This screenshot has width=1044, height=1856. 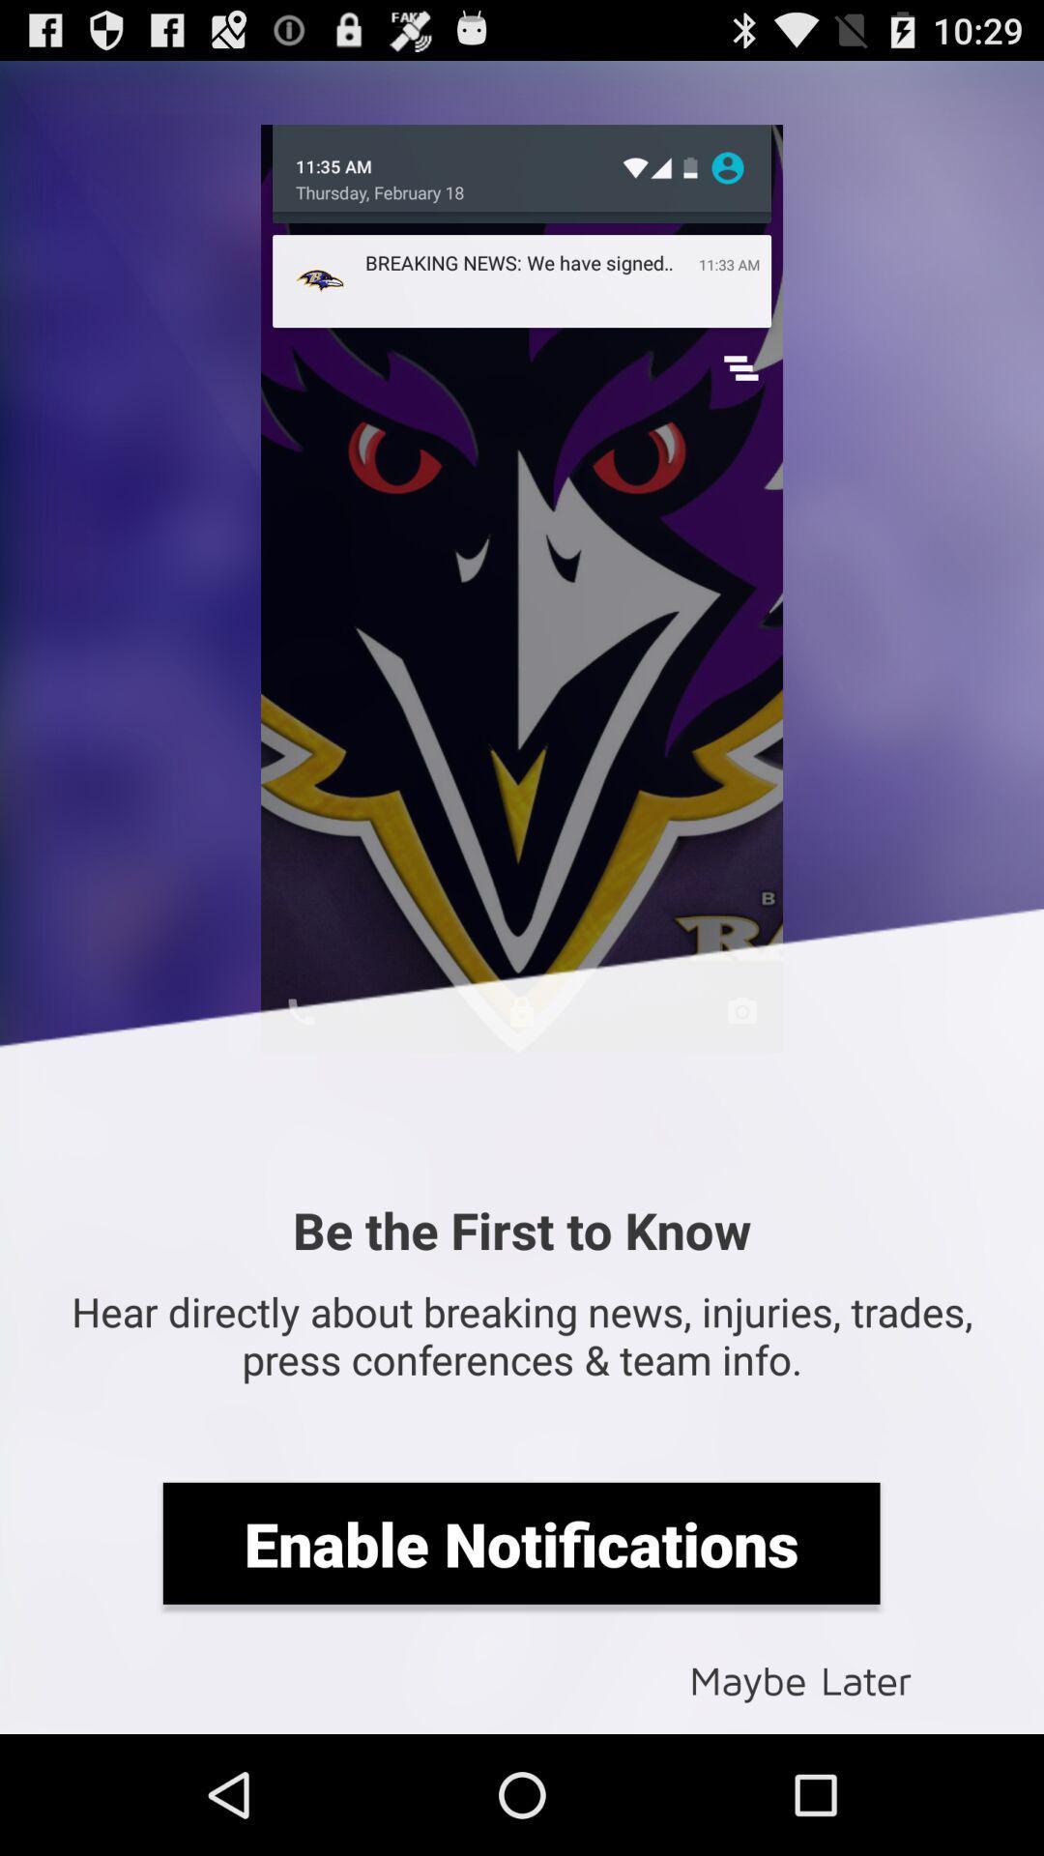 I want to click on icon at the bottom right corner, so click(x=800, y=1678).